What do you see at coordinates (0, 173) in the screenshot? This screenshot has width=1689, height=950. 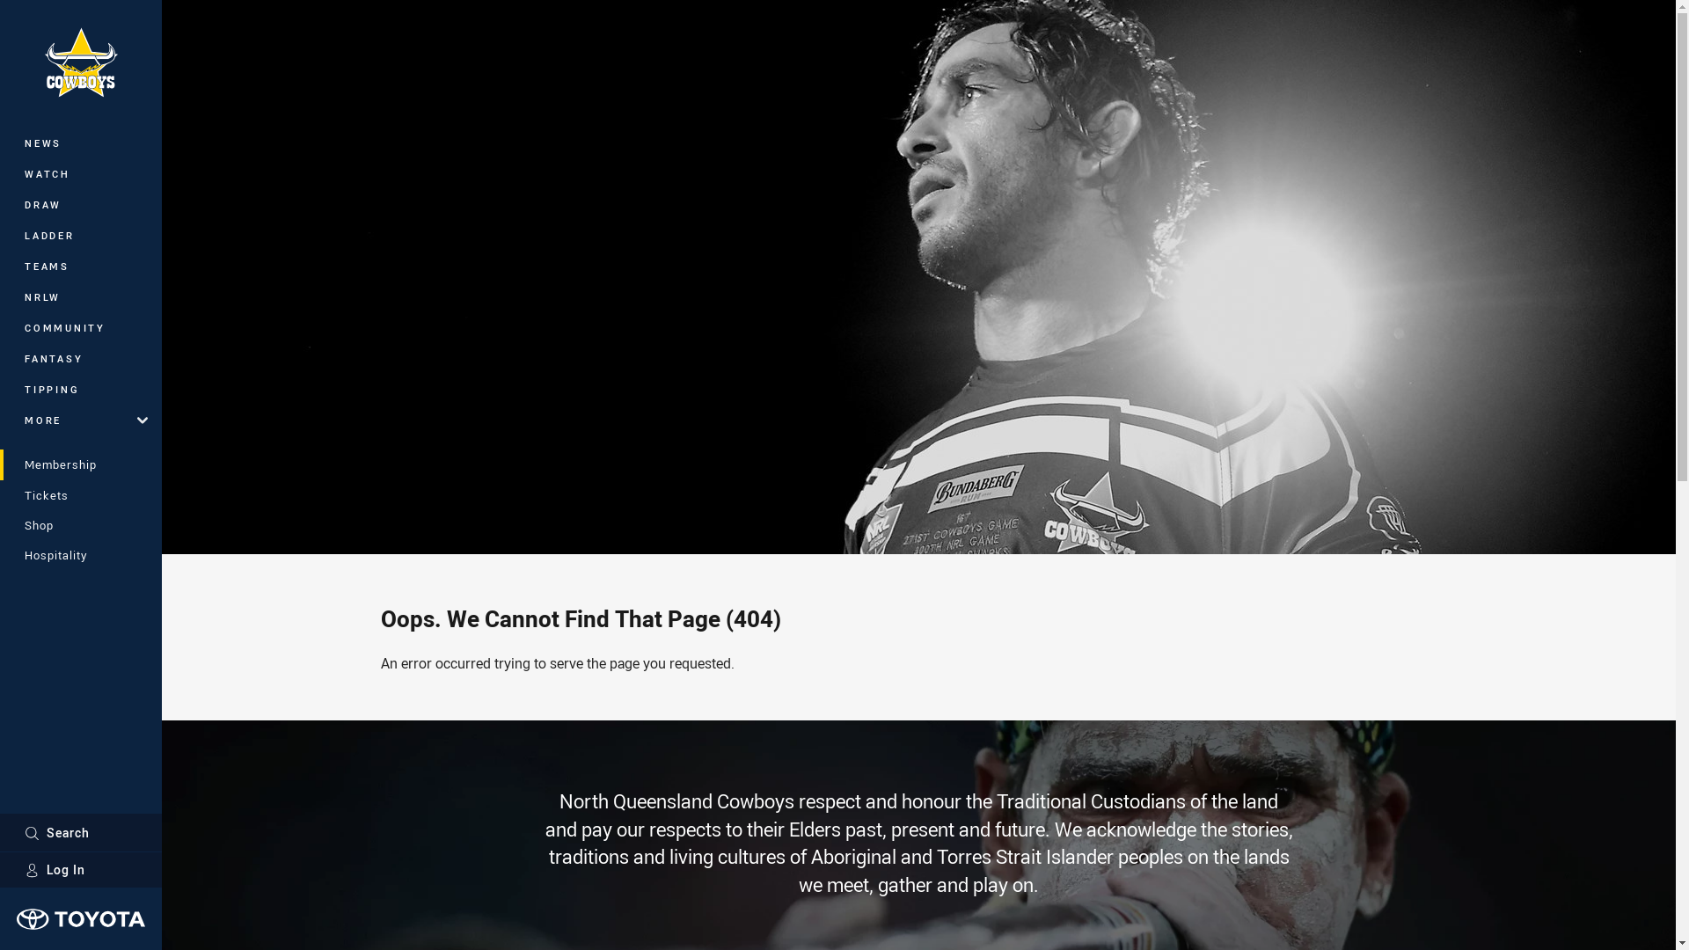 I see `'WATCH'` at bounding box center [0, 173].